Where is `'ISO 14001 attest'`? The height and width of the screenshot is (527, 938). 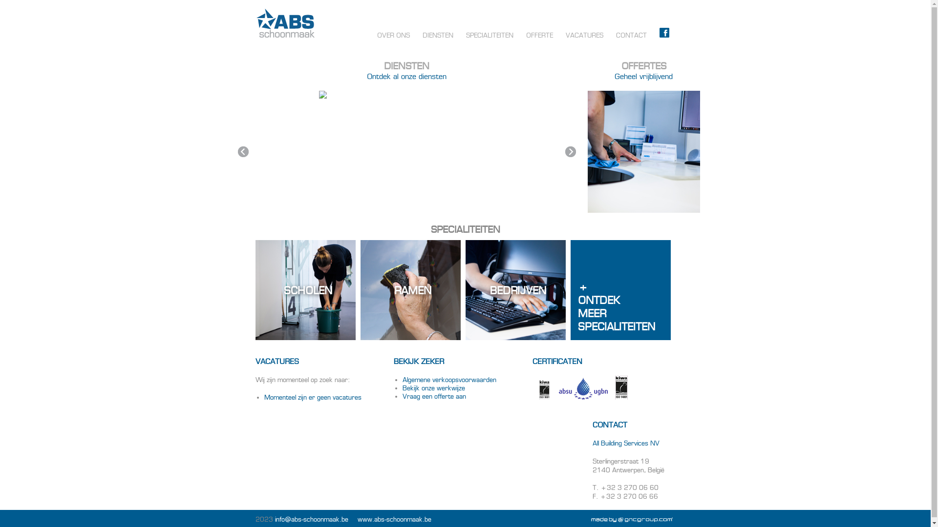
'ISO 14001 attest' is located at coordinates (621, 387).